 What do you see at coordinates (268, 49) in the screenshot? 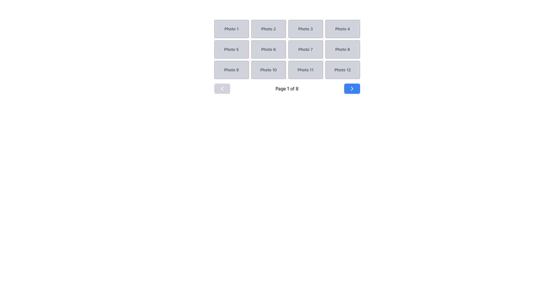
I see `the button representing 'Photo 6' located in the second row, second column of the grid layout` at bounding box center [268, 49].